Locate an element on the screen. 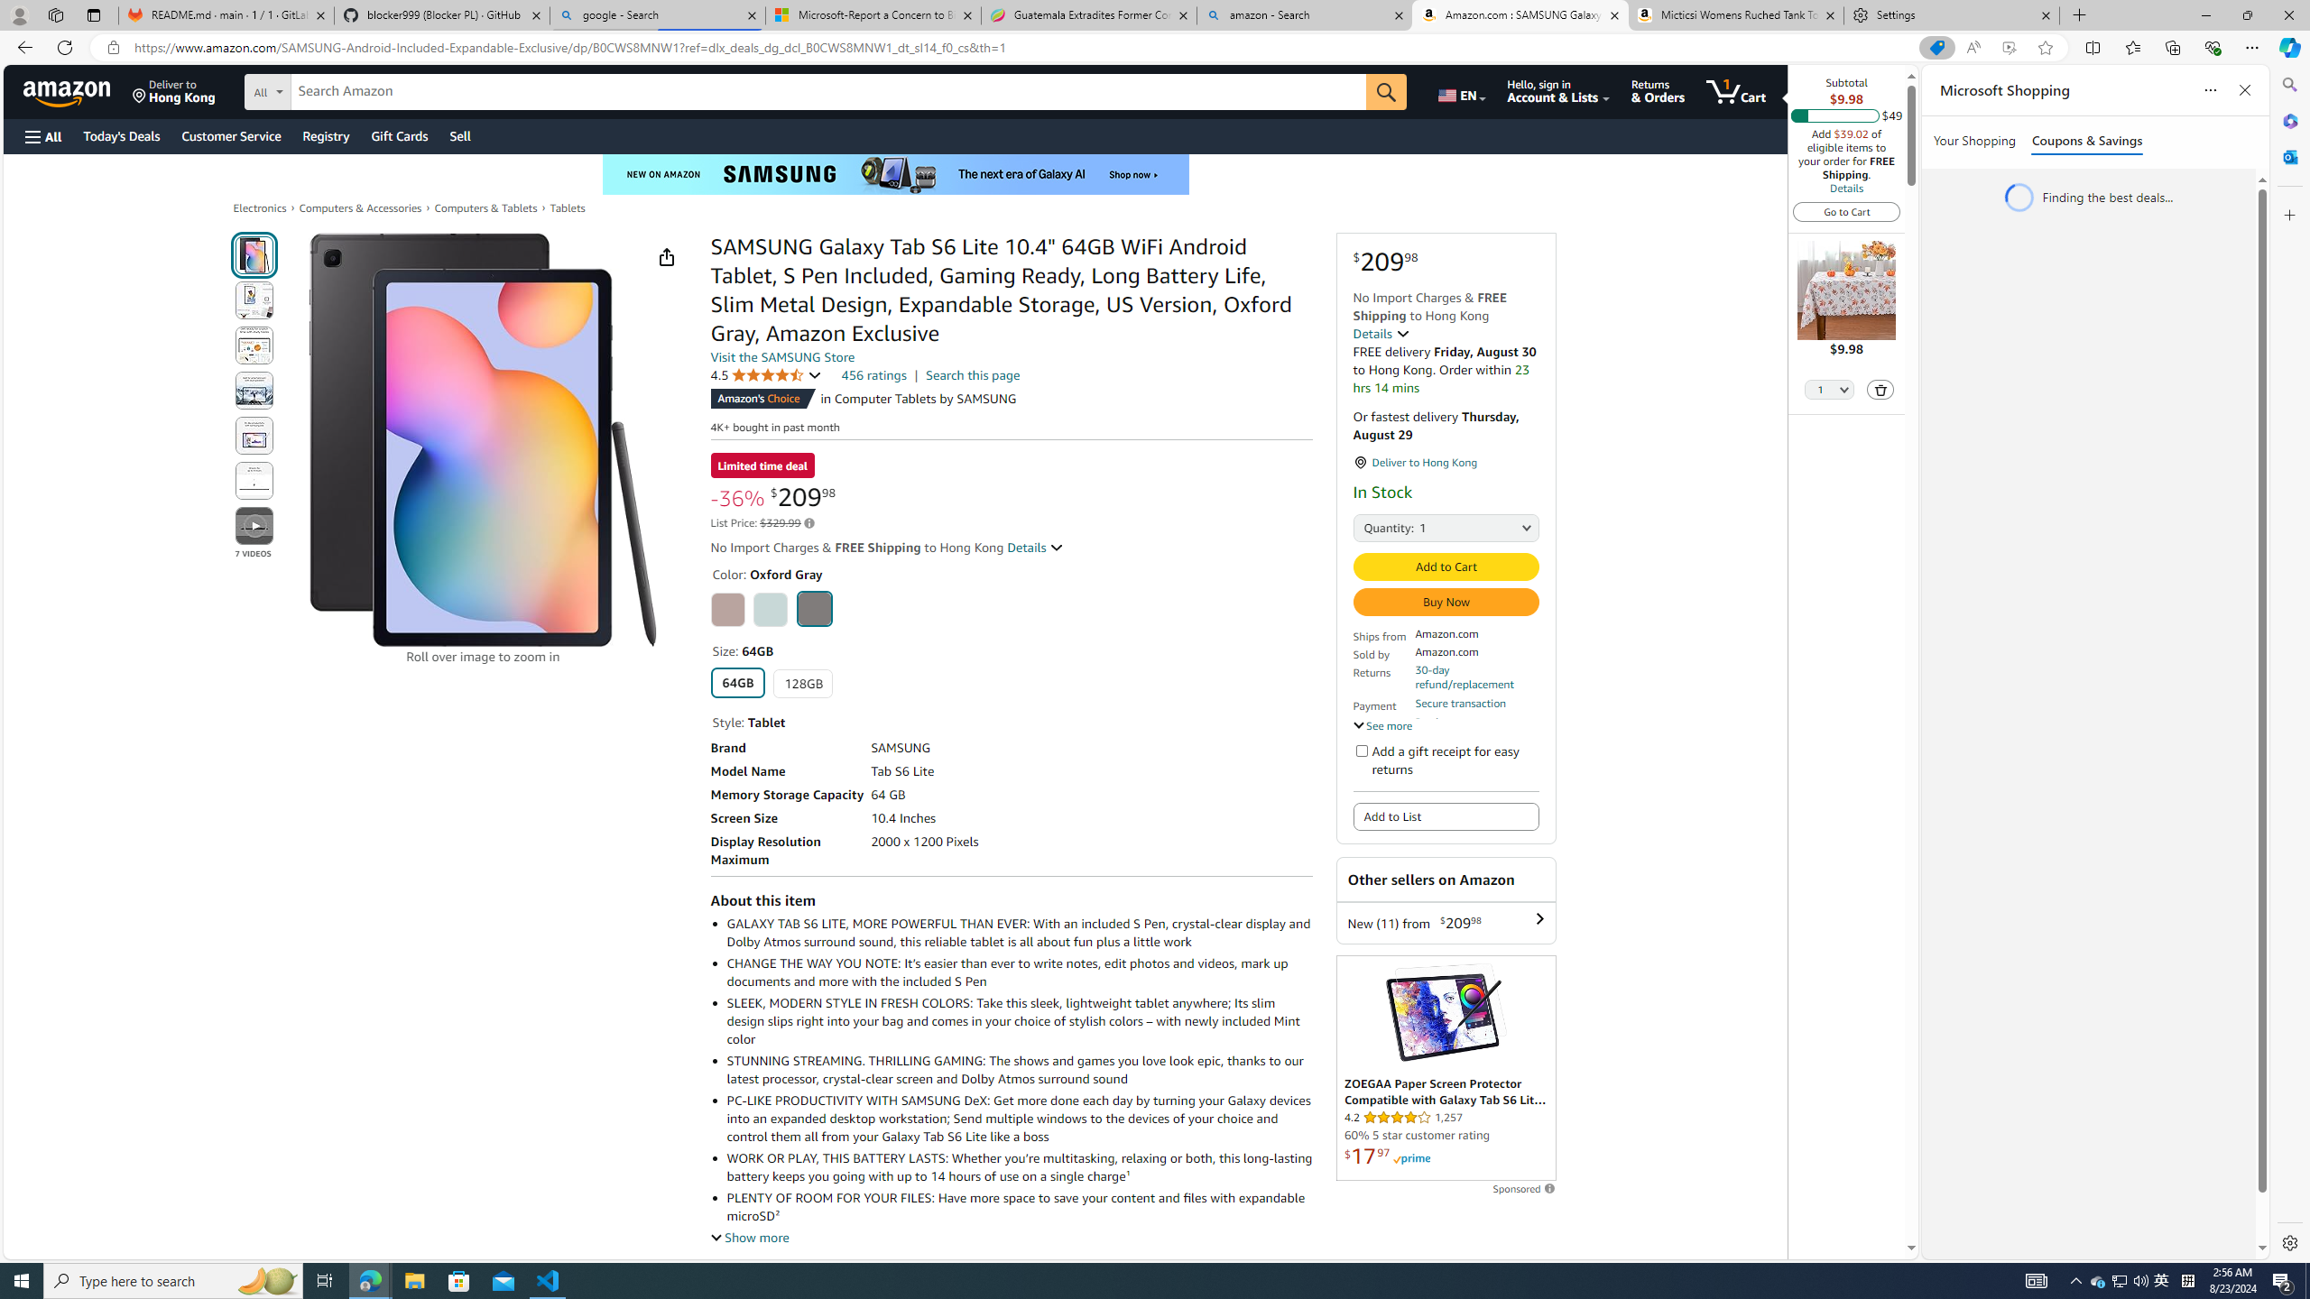 The image size is (2310, 1299). 'Tablets' is located at coordinates (567, 207).